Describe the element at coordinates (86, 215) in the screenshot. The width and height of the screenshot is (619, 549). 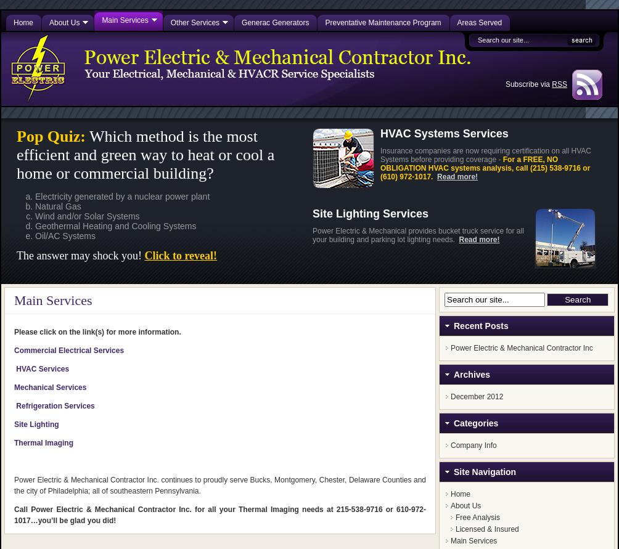
I see `'Wind and/or Solar Systems'` at that location.